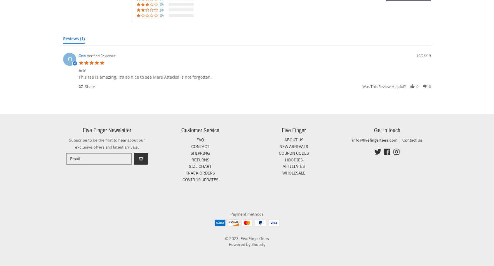 The height and width of the screenshot is (266, 494). Describe the element at coordinates (200, 173) in the screenshot. I see `'TRACK ORDERS'` at that location.